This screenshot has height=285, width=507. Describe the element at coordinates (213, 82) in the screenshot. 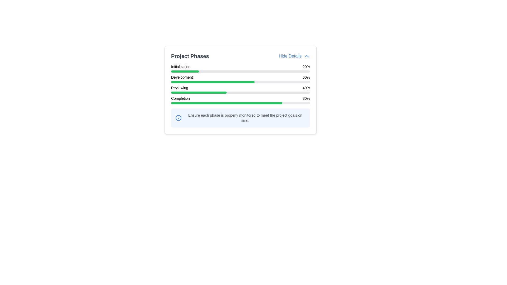

I see `the Progress indicator (bar segment) that visually indicates 60% completion of the 'Development' phase in the 'Project Phases' section` at that location.